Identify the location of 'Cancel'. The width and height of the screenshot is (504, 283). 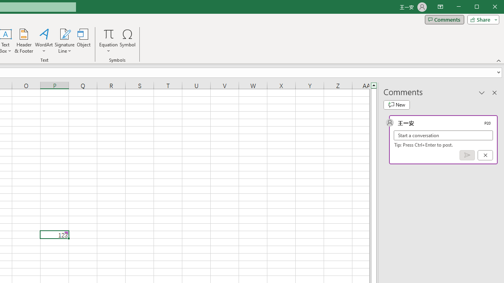
(485, 155).